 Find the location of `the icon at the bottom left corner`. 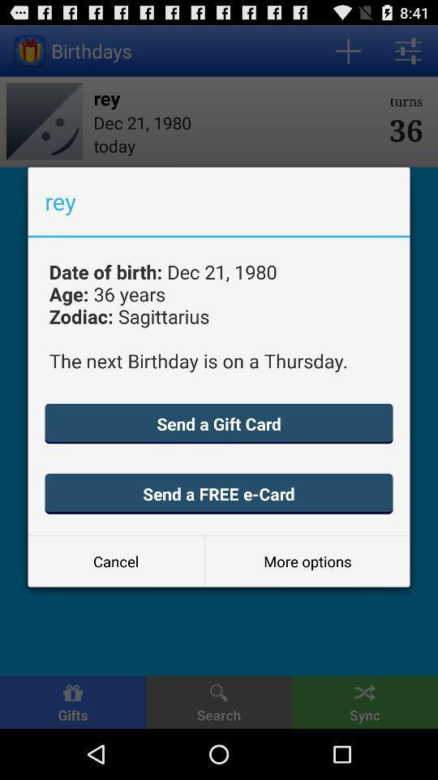

the icon at the bottom left corner is located at coordinates (115, 561).